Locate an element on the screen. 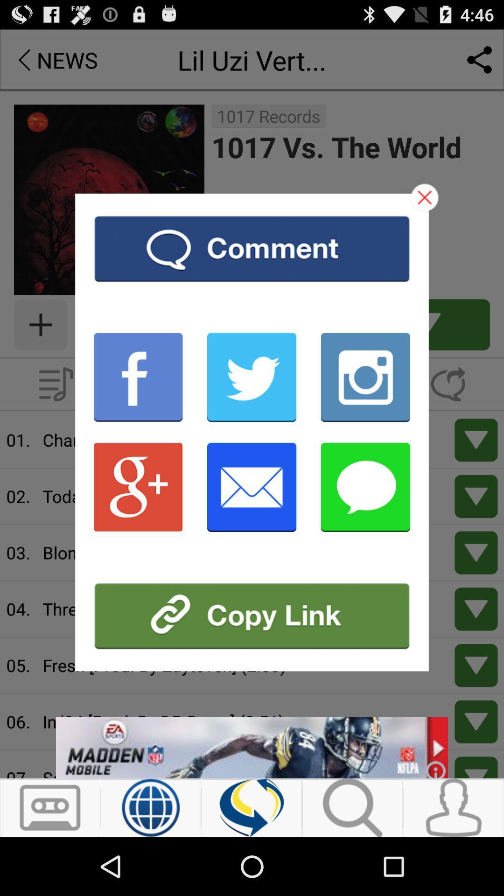 The image size is (504, 896). share by email is located at coordinates (251, 486).